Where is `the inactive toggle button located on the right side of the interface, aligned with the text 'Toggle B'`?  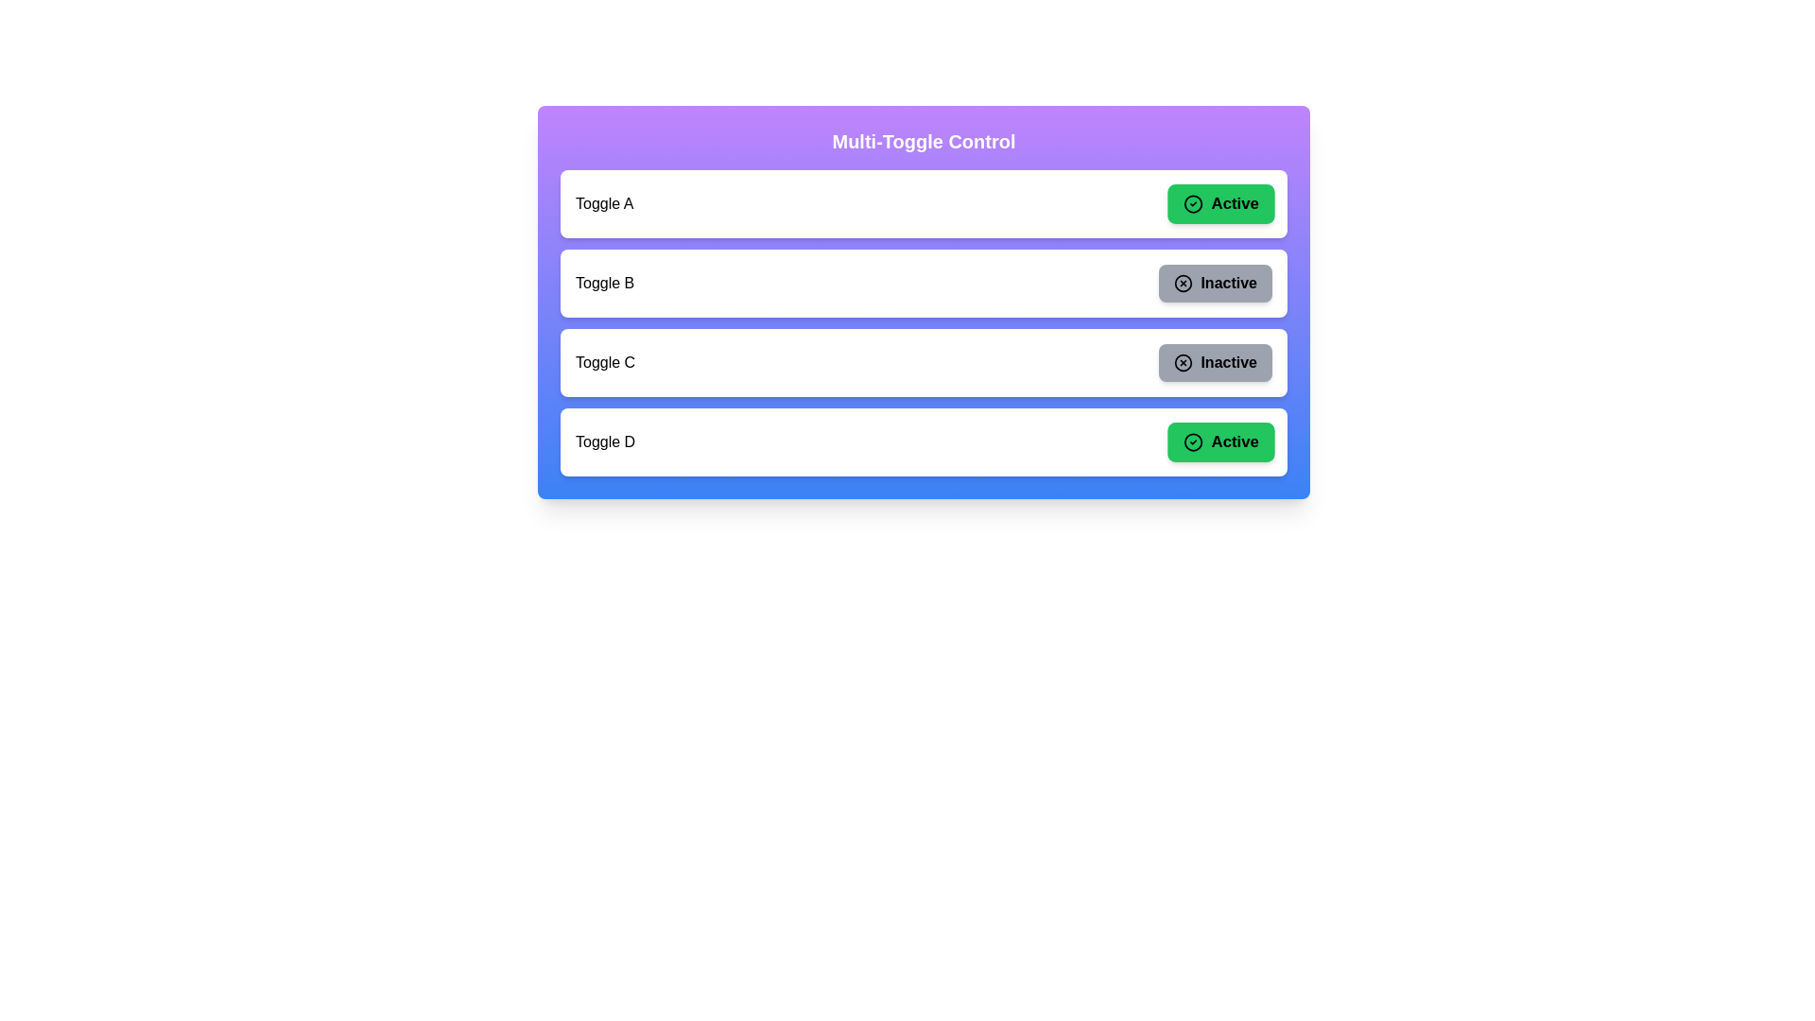
the inactive toggle button located on the right side of the interface, aligned with the text 'Toggle B' is located at coordinates (1216, 284).